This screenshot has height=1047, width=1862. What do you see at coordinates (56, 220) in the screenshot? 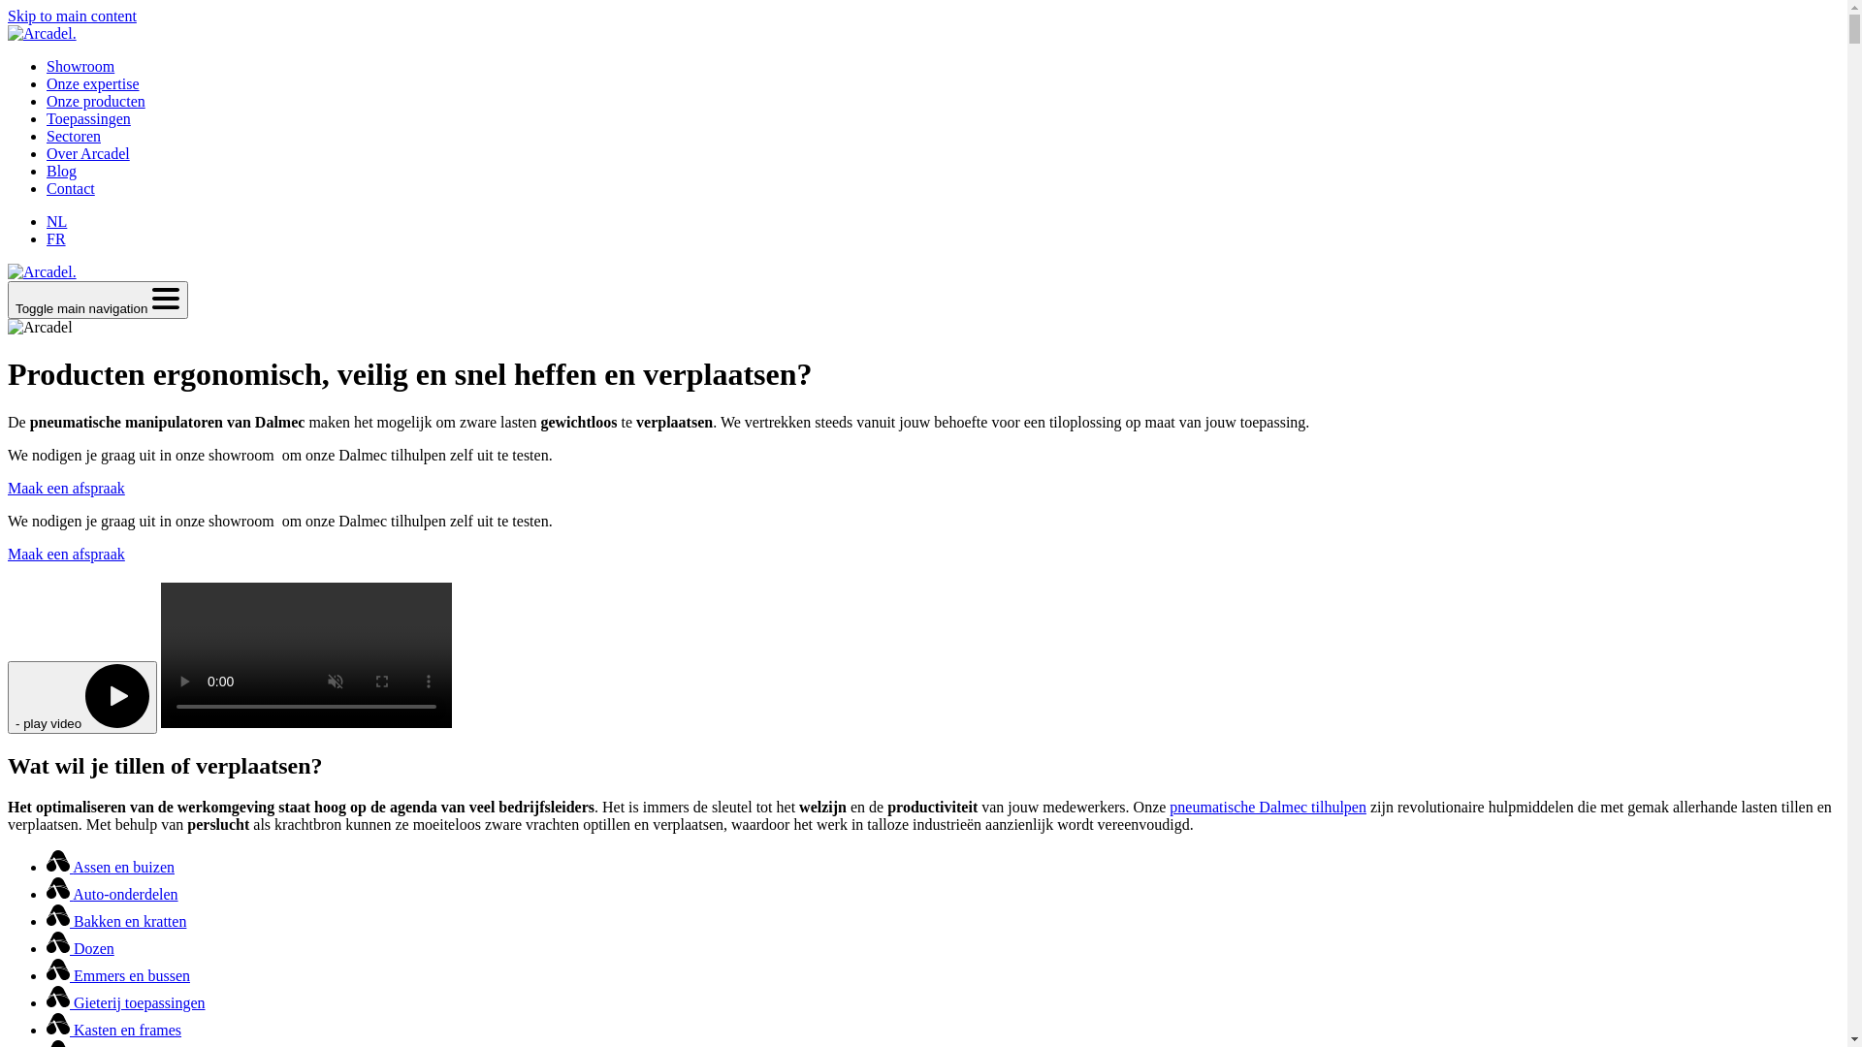
I see `'NL'` at bounding box center [56, 220].